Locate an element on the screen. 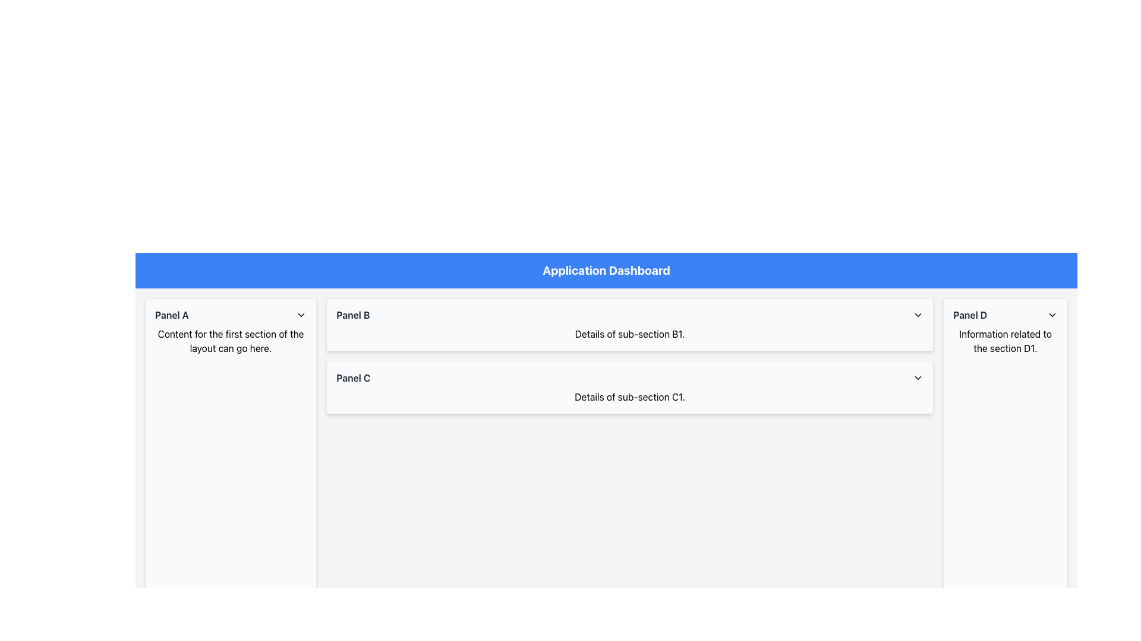 The width and height of the screenshot is (1141, 641). the Expandable/Collapsible Panel for 'C1' located below 'Panel B' is located at coordinates (629, 387).